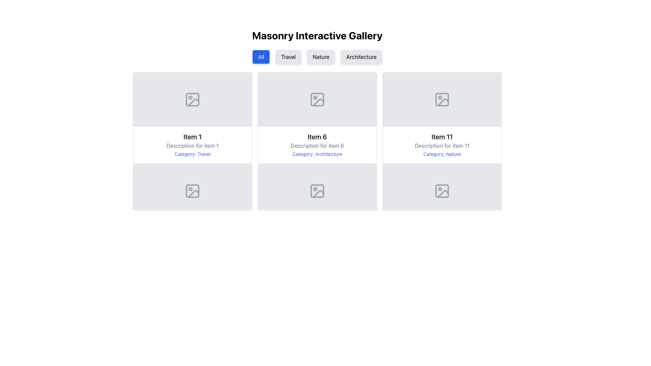 The height and width of the screenshot is (366, 651). What do you see at coordinates (317, 145) in the screenshot?
I see `the text label that provides additional details about 'Item 6', located beneath the title 'Item 6' and above the category link 'Category: Architecture'` at bounding box center [317, 145].